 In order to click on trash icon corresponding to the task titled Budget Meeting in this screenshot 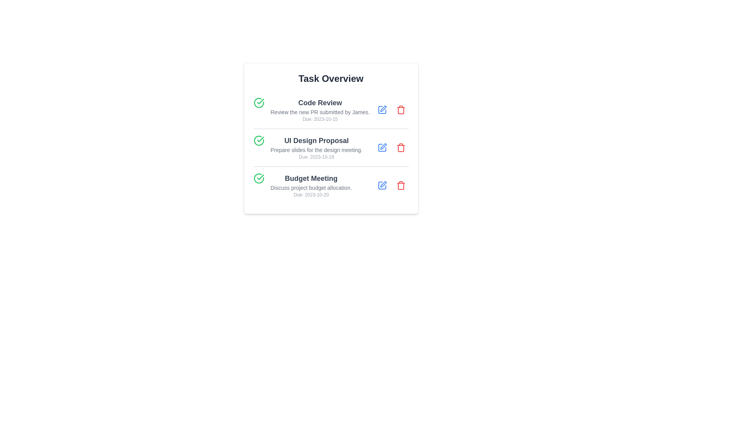, I will do `click(401, 185)`.